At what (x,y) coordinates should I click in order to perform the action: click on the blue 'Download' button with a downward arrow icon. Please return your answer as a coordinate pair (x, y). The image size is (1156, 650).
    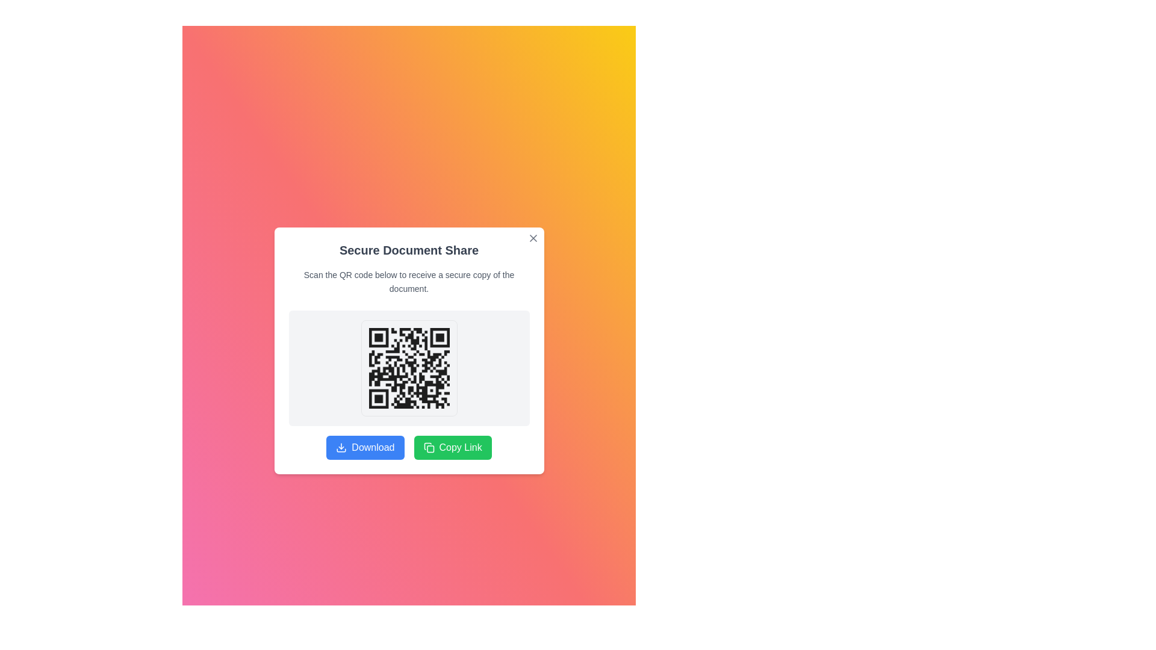
    Looking at the image, I should click on (364, 447).